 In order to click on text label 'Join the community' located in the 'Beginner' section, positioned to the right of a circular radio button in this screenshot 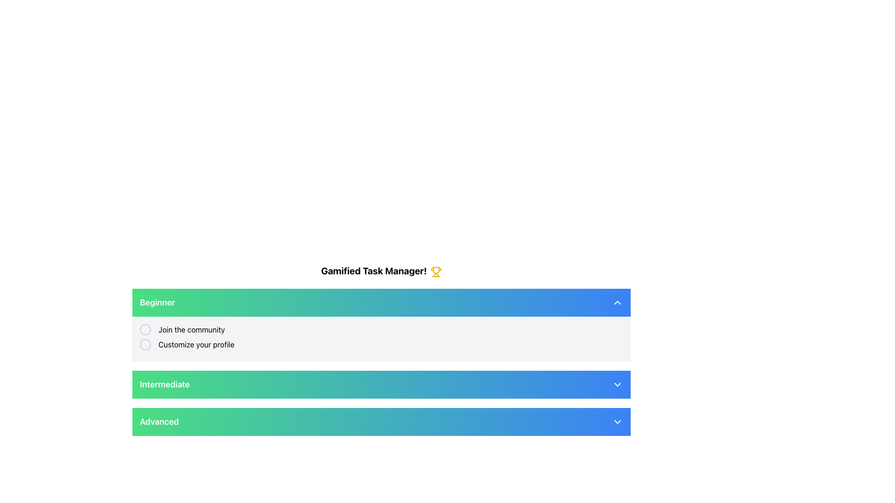, I will do `click(191, 329)`.